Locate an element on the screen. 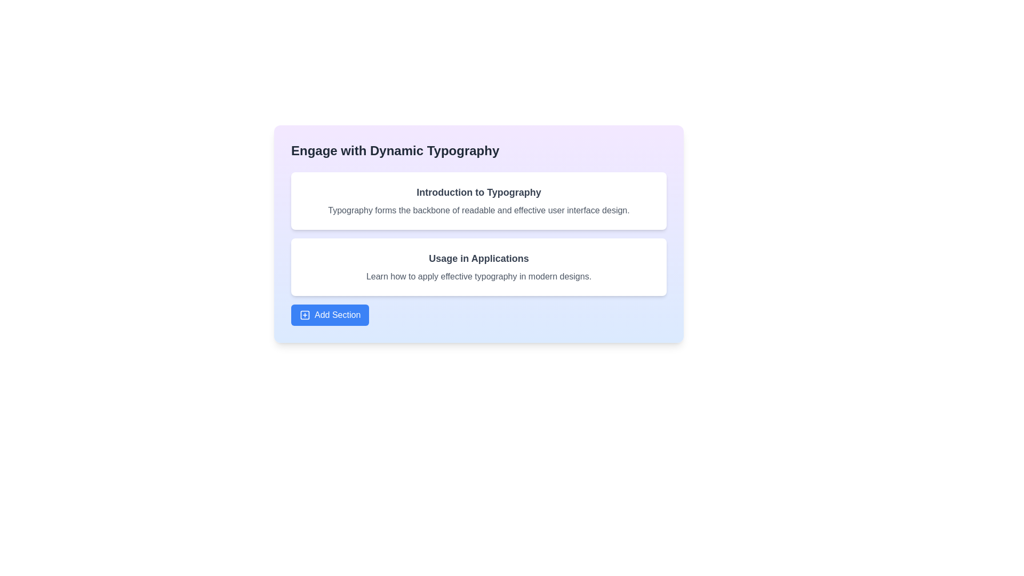 The width and height of the screenshot is (1024, 576). the styled text label that reads 'Engage with Dynamic Typography' to potentially reveal tooltips or further actions is located at coordinates (395, 150).